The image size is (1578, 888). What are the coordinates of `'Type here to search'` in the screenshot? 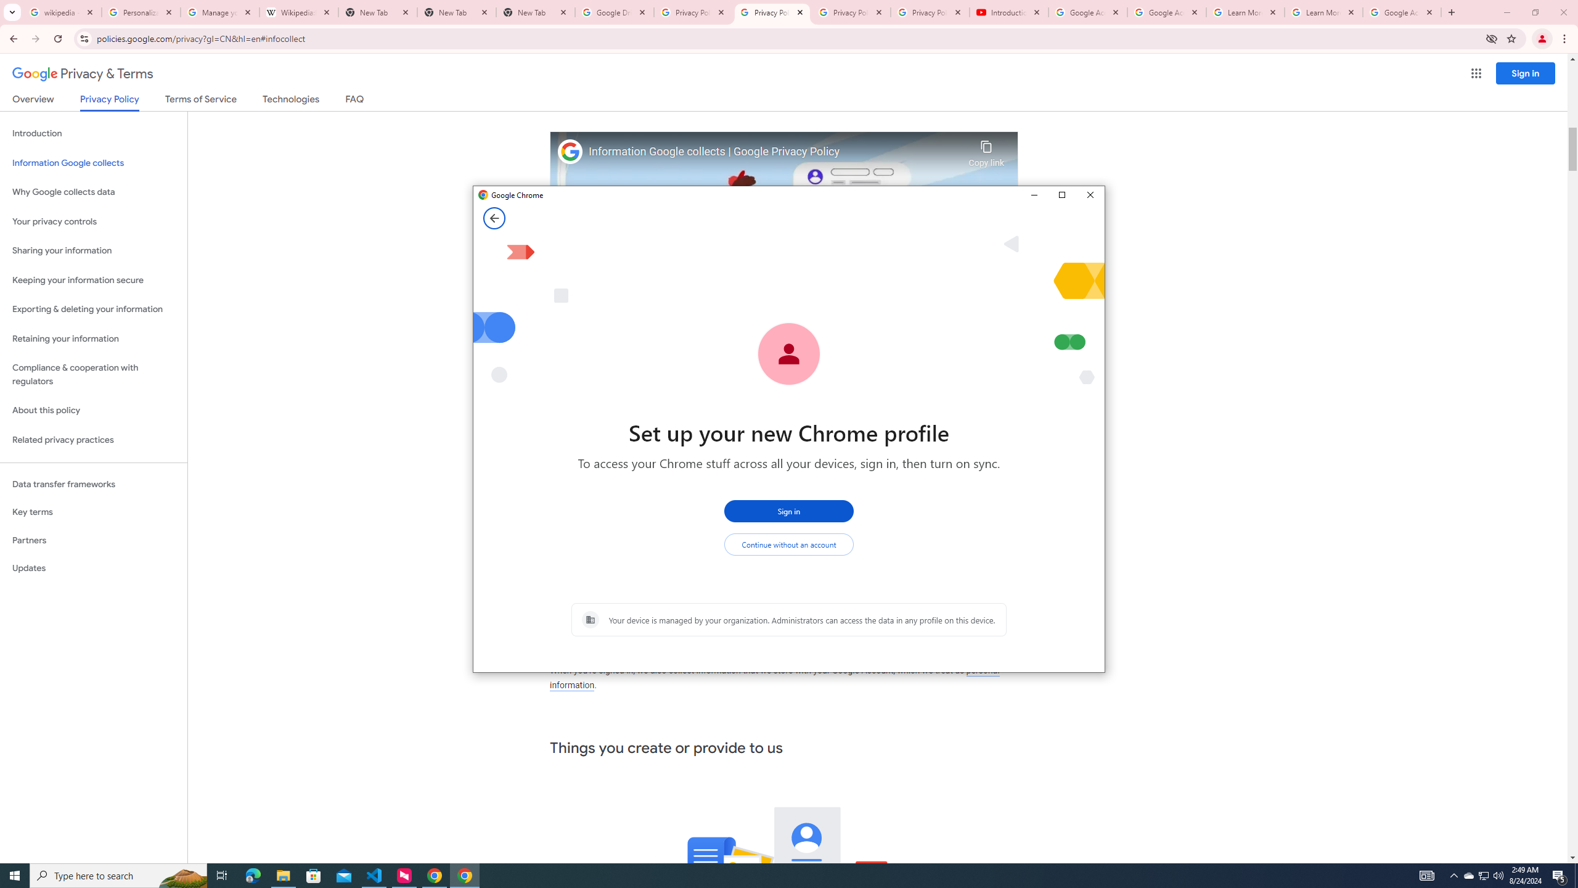 It's located at (118, 874).